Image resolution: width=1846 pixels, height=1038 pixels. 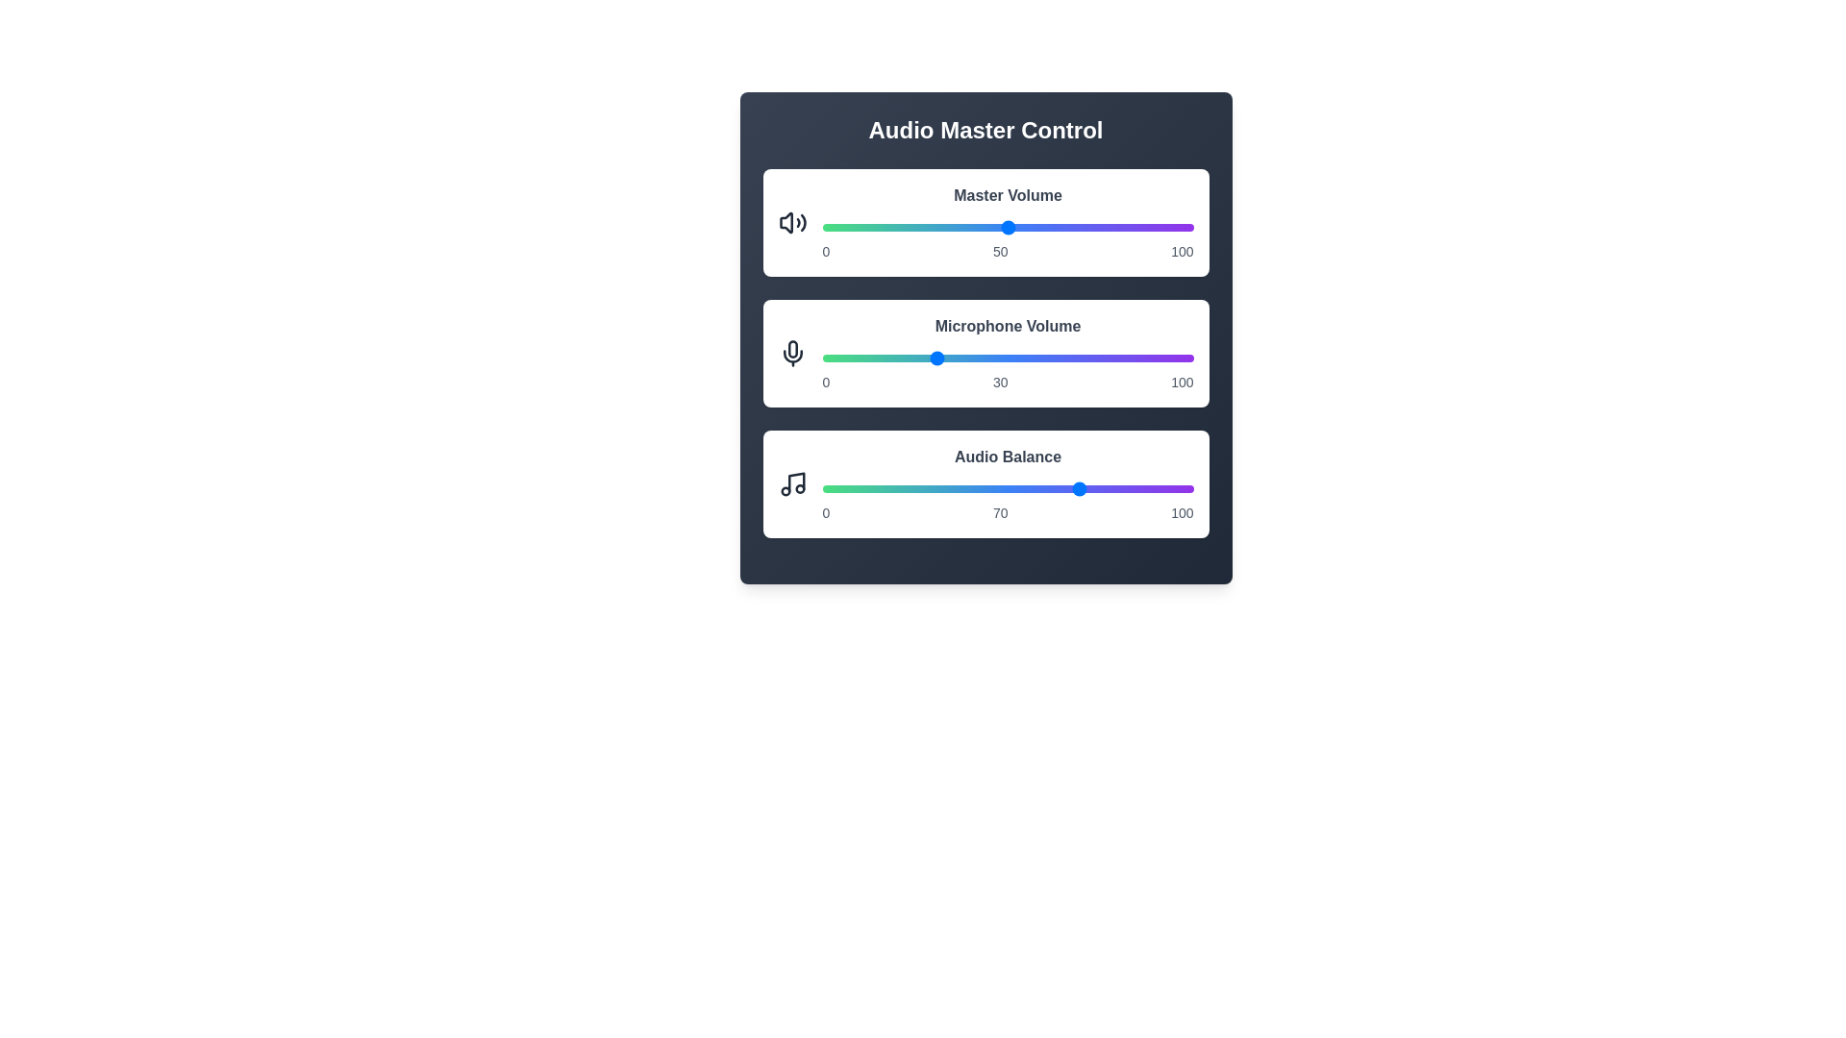 What do you see at coordinates (1089, 488) in the screenshot?
I see `the Audio Balance slider to 72%` at bounding box center [1089, 488].